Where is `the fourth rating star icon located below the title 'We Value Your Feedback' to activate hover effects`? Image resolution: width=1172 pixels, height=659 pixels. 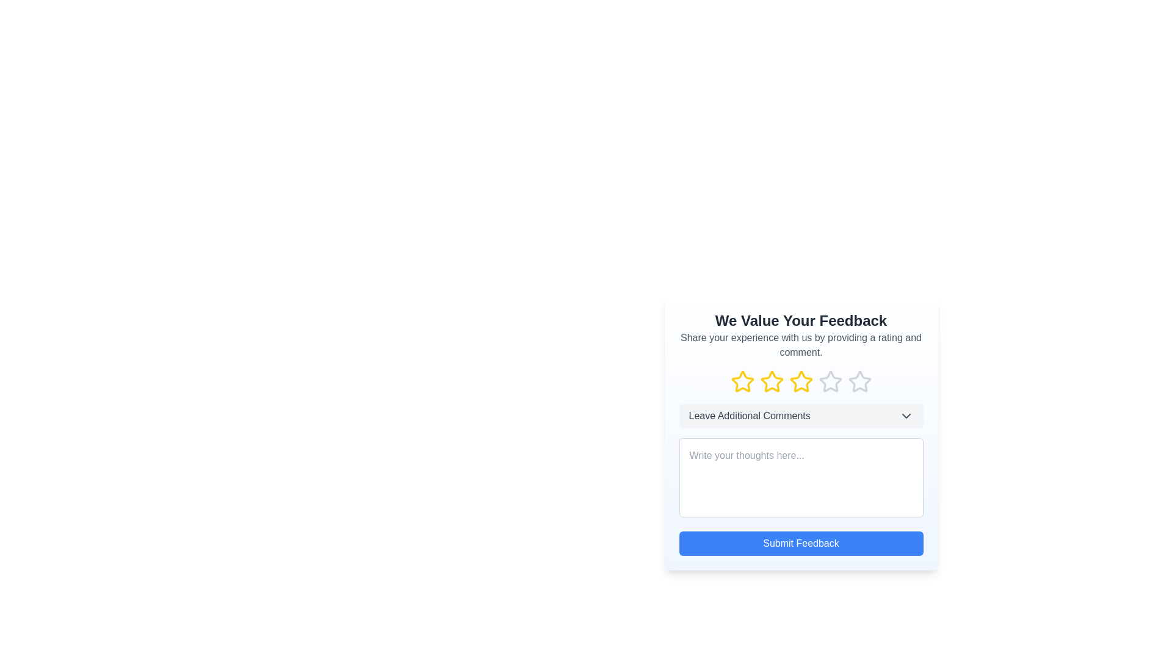 the fourth rating star icon located below the title 'We Value Your Feedback' to activate hover effects is located at coordinates (801, 381).